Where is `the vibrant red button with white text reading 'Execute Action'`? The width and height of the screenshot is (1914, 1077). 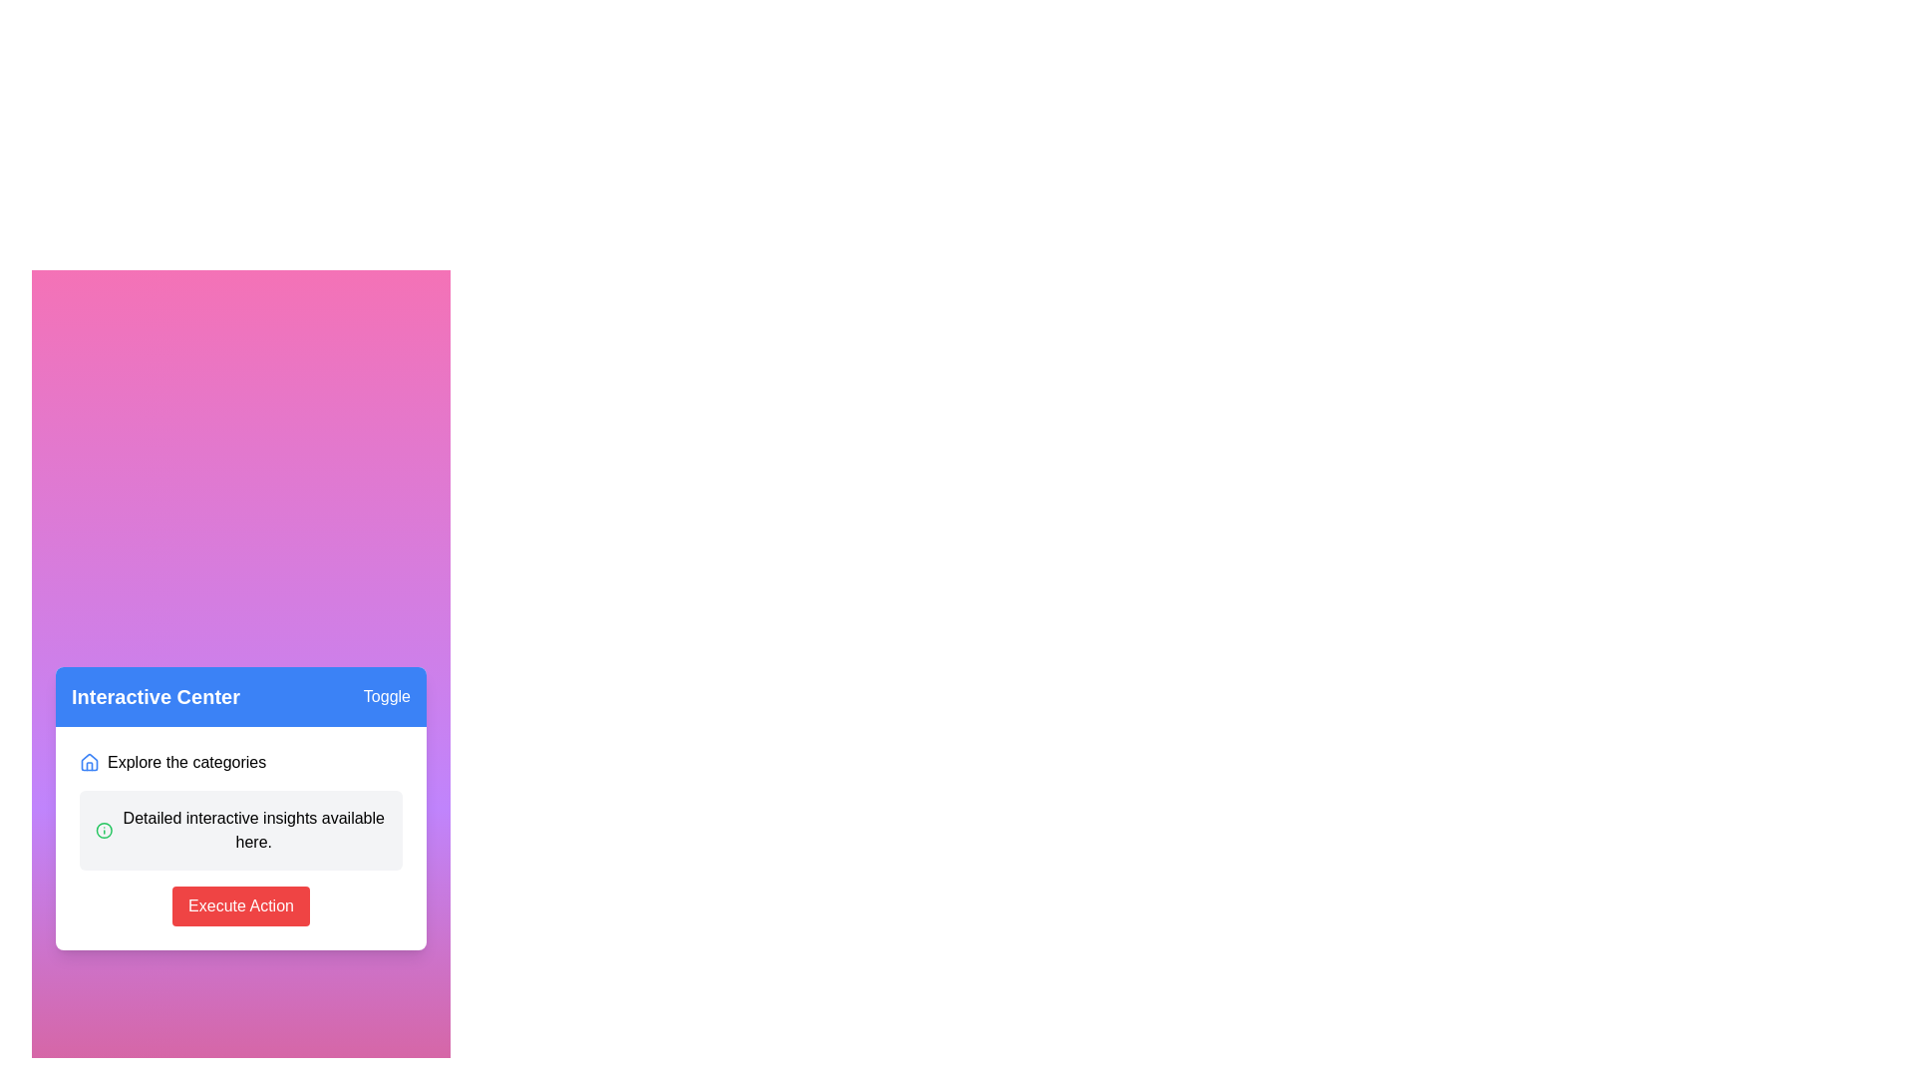
the vibrant red button with white text reading 'Execute Action' is located at coordinates (239, 906).